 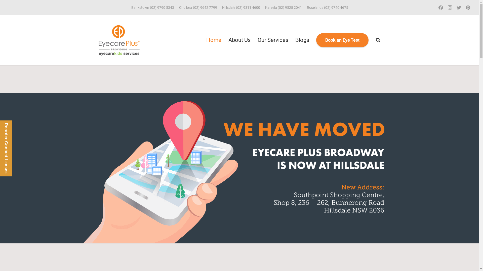 What do you see at coordinates (272, 40) in the screenshot?
I see `'Our Services'` at bounding box center [272, 40].